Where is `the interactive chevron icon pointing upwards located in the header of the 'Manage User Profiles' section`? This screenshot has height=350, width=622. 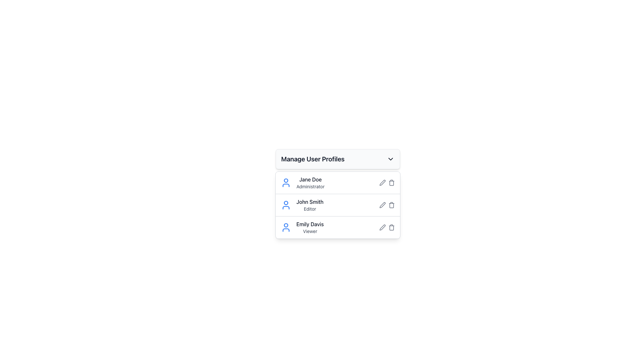 the interactive chevron icon pointing upwards located in the header of the 'Manage User Profiles' section is located at coordinates (390, 159).